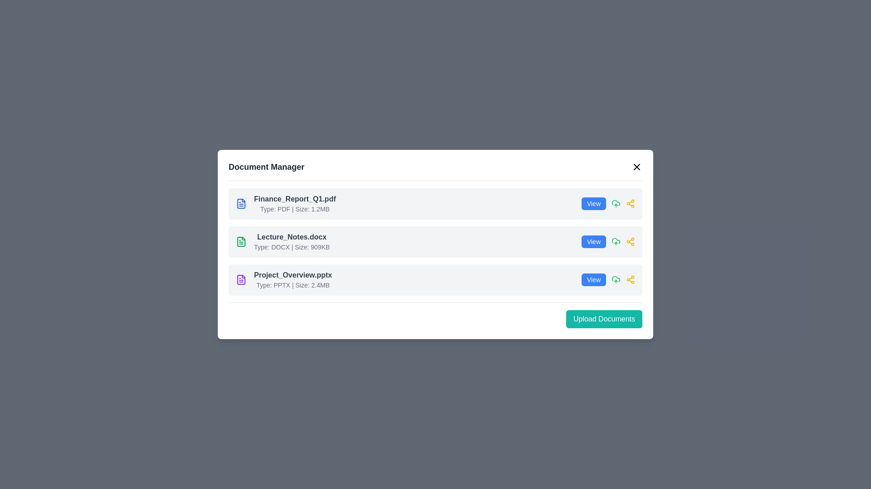 This screenshot has width=871, height=489. What do you see at coordinates (283, 279) in the screenshot?
I see `information of the third file entry in the Document Manager, which is located below 'Finance_Report_Q1.pdf' and 'Lecture_Notes.docx'` at bounding box center [283, 279].